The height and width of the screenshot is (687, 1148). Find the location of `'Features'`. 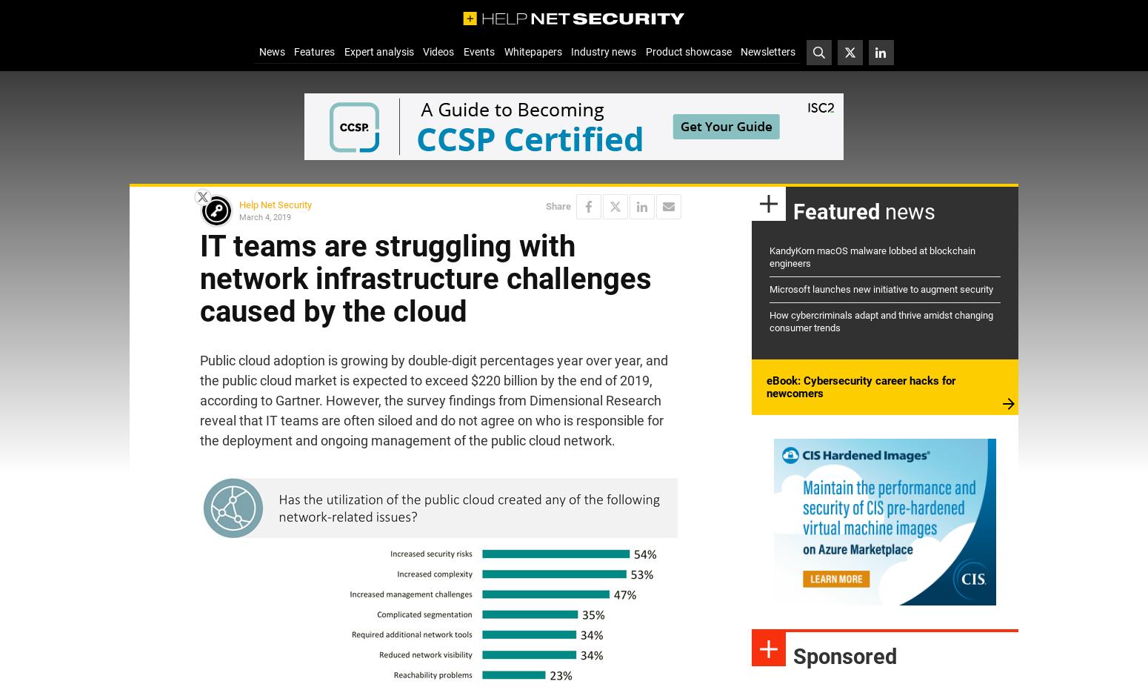

'Features' is located at coordinates (314, 50).